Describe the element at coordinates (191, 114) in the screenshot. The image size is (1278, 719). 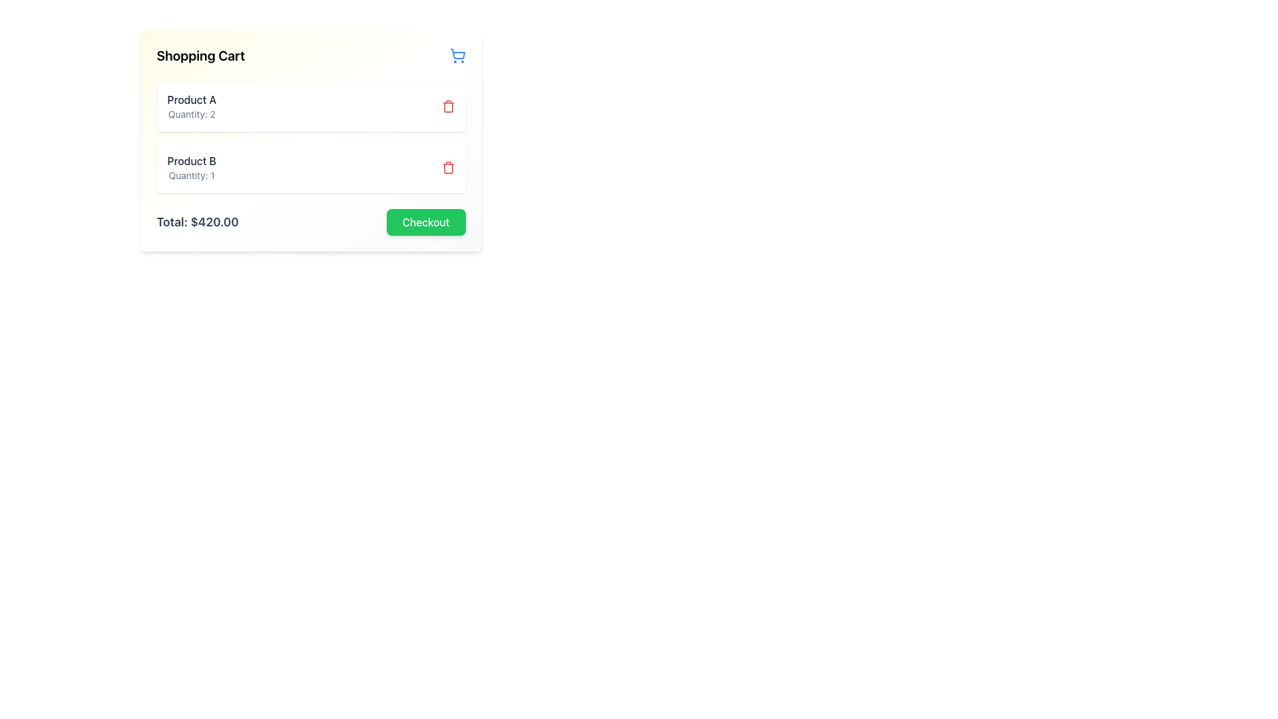
I see `the static text label displaying 'Quantity: 2', which is styled in light gray and located below the 'Product A' label in the shopping cart interface` at that location.